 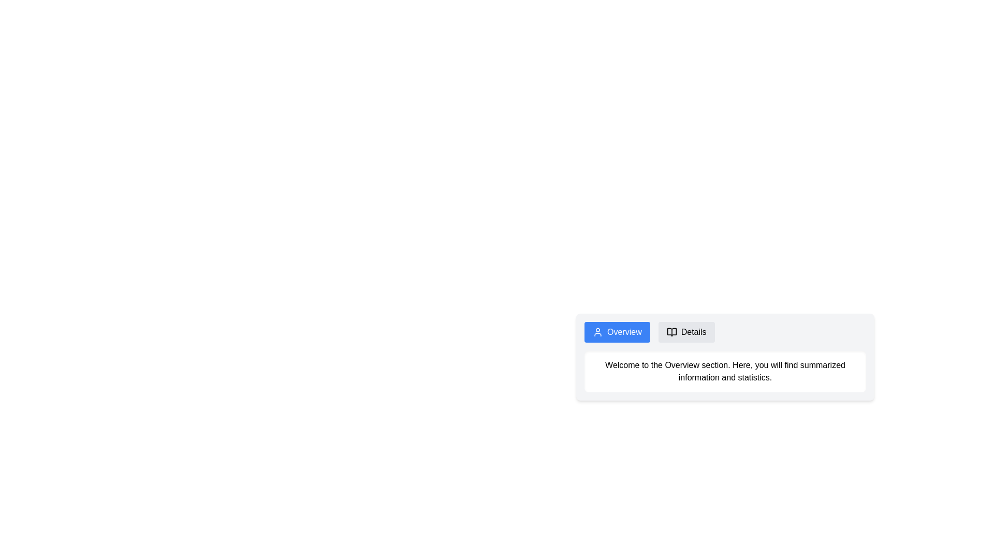 What do you see at coordinates (617, 332) in the screenshot?
I see `the blue rectangular button with rounded corners labeled 'Overview'` at bounding box center [617, 332].